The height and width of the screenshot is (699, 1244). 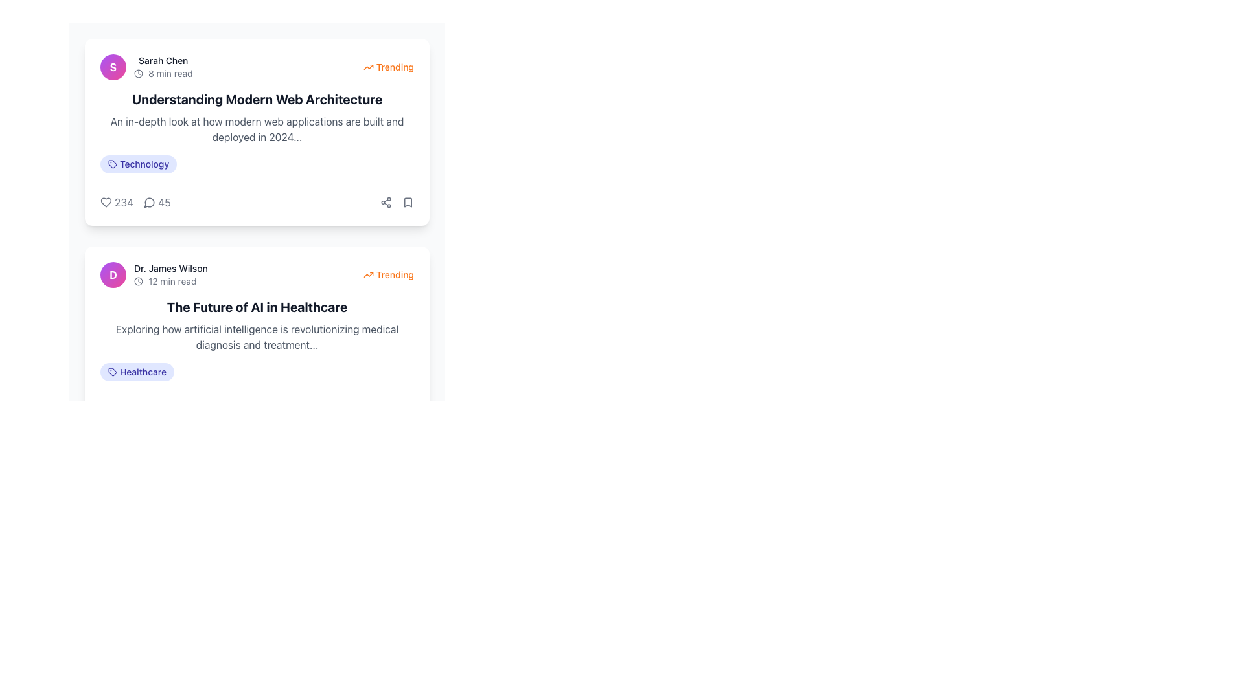 I want to click on the heart-shaped icon located at the lower portion of the article card summarizing 'Understanding Modern Web Architecture', so click(x=106, y=202).